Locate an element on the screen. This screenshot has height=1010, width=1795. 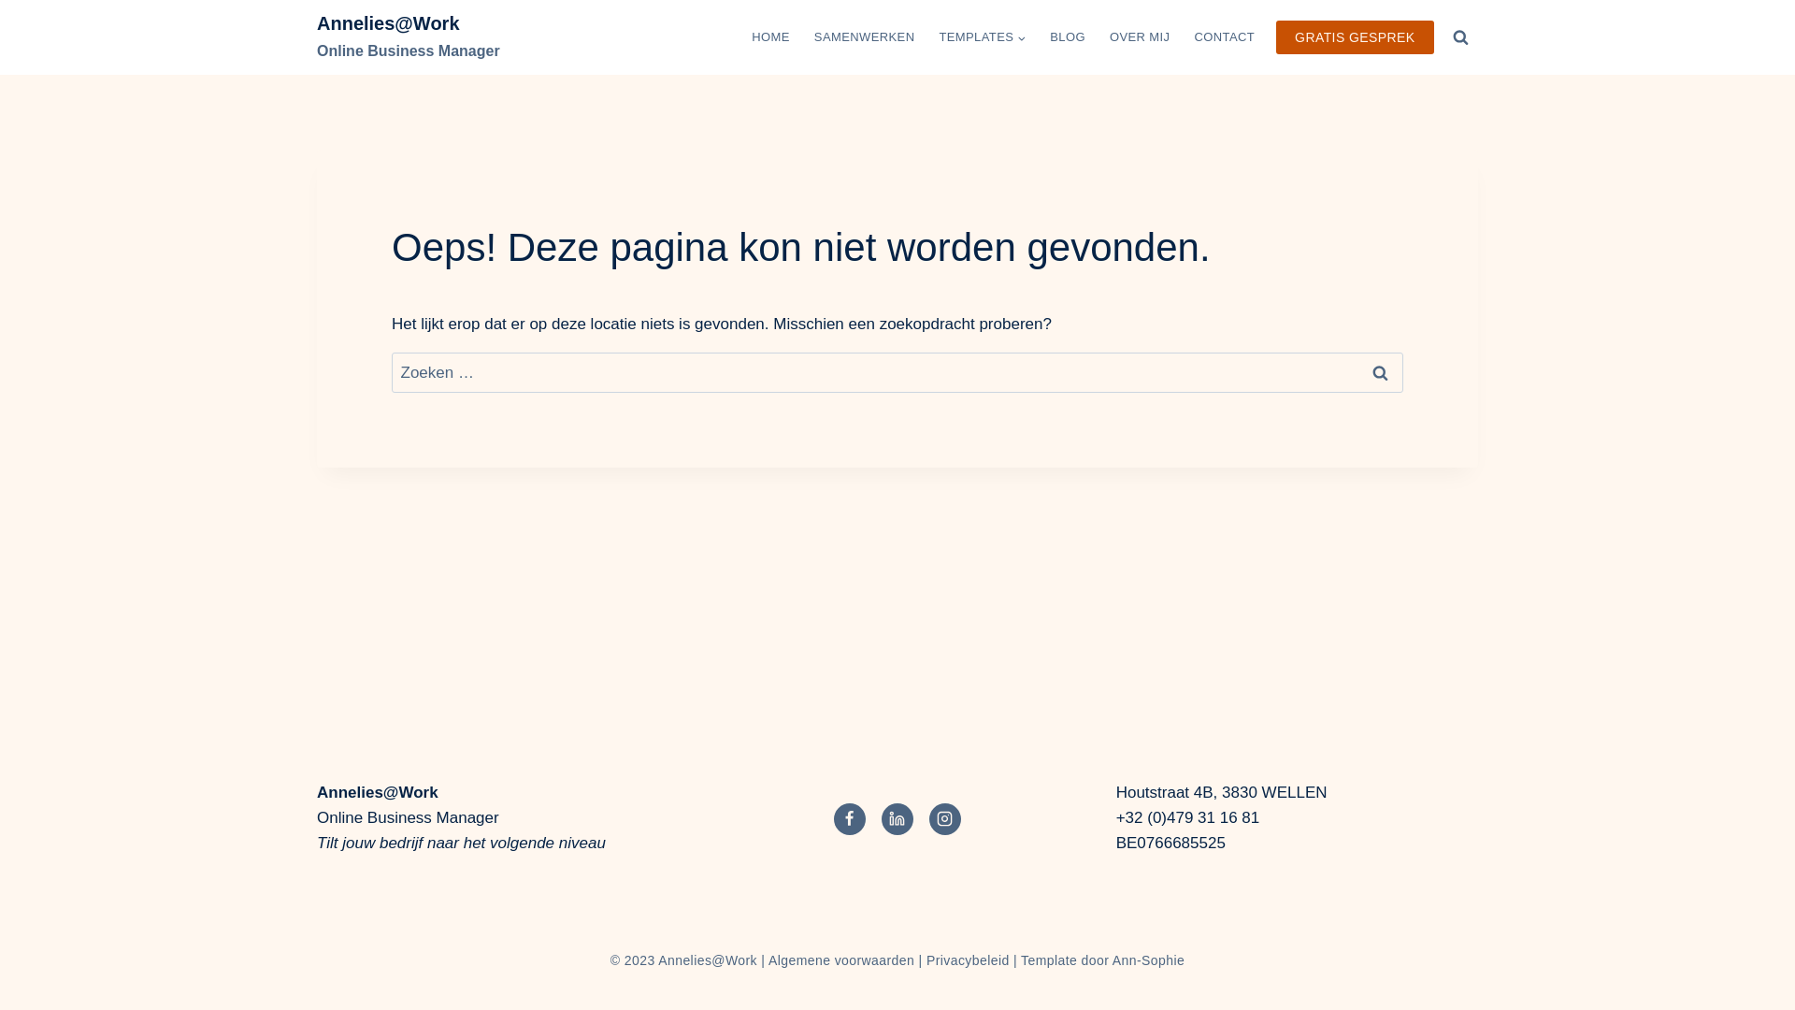
'Privacybeleid' is located at coordinates (968, 959).